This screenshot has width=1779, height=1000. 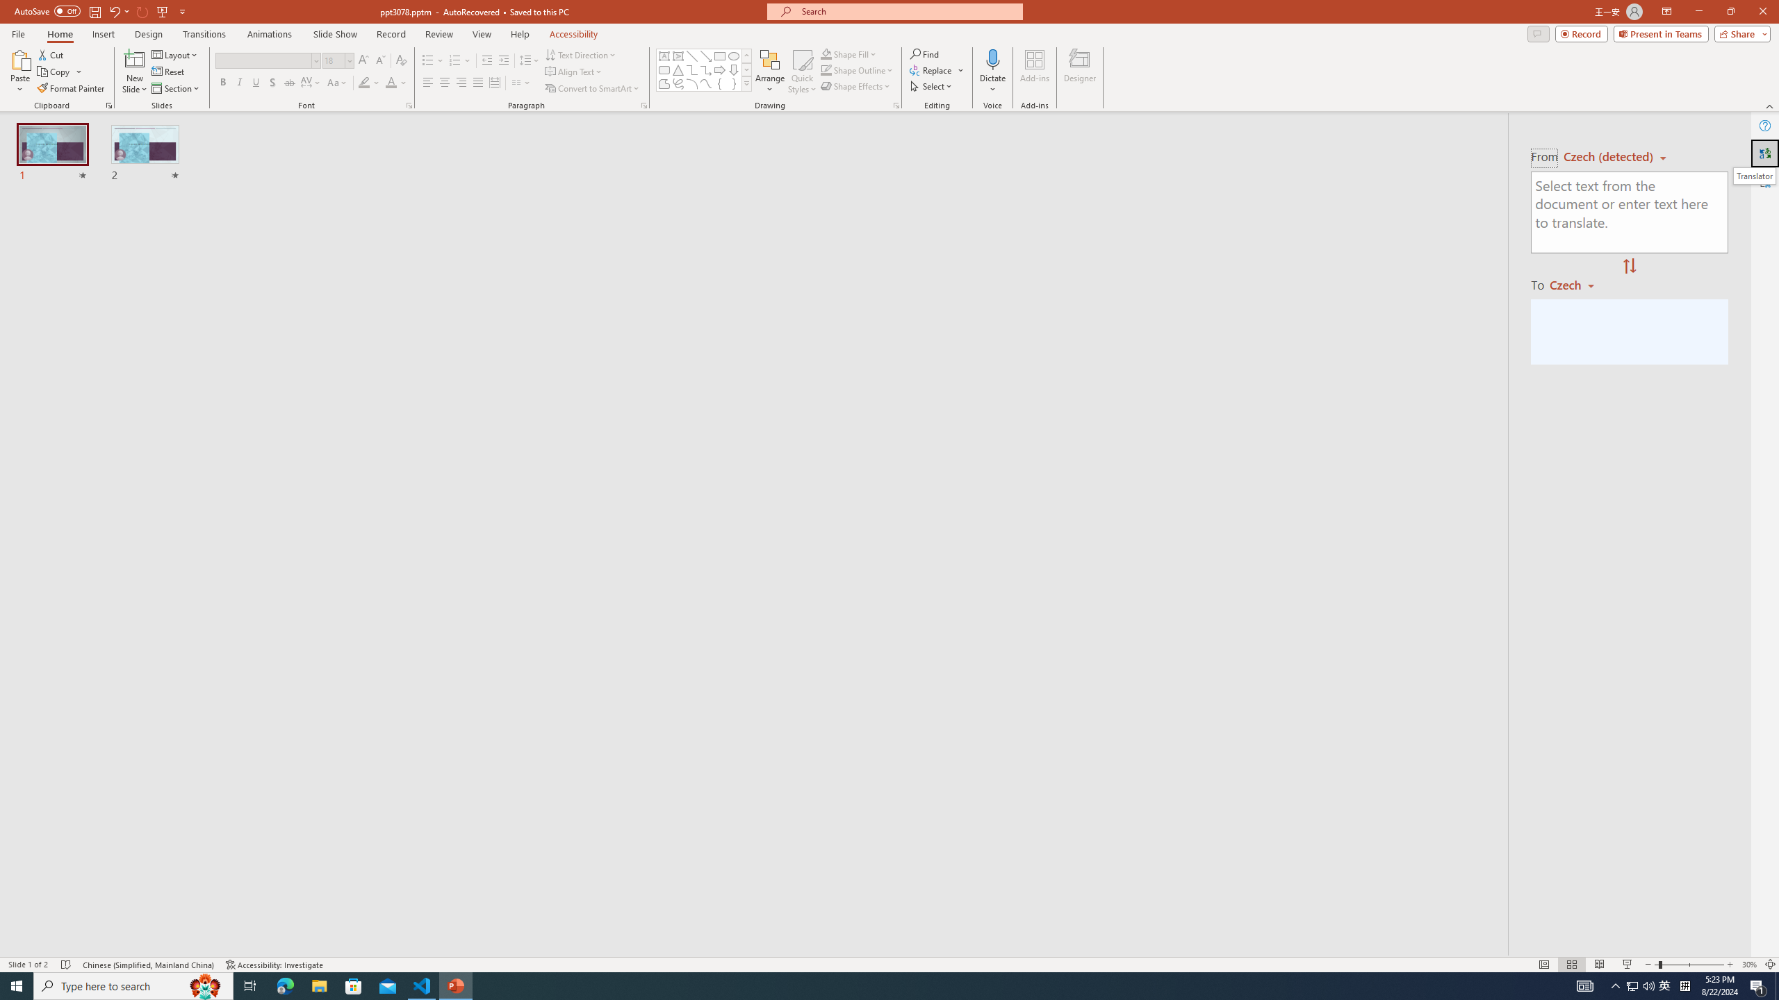 What do you see at coordinates (238, 82) in the screenshot?
I see `'Italic'` at bounding box center [238, 82].